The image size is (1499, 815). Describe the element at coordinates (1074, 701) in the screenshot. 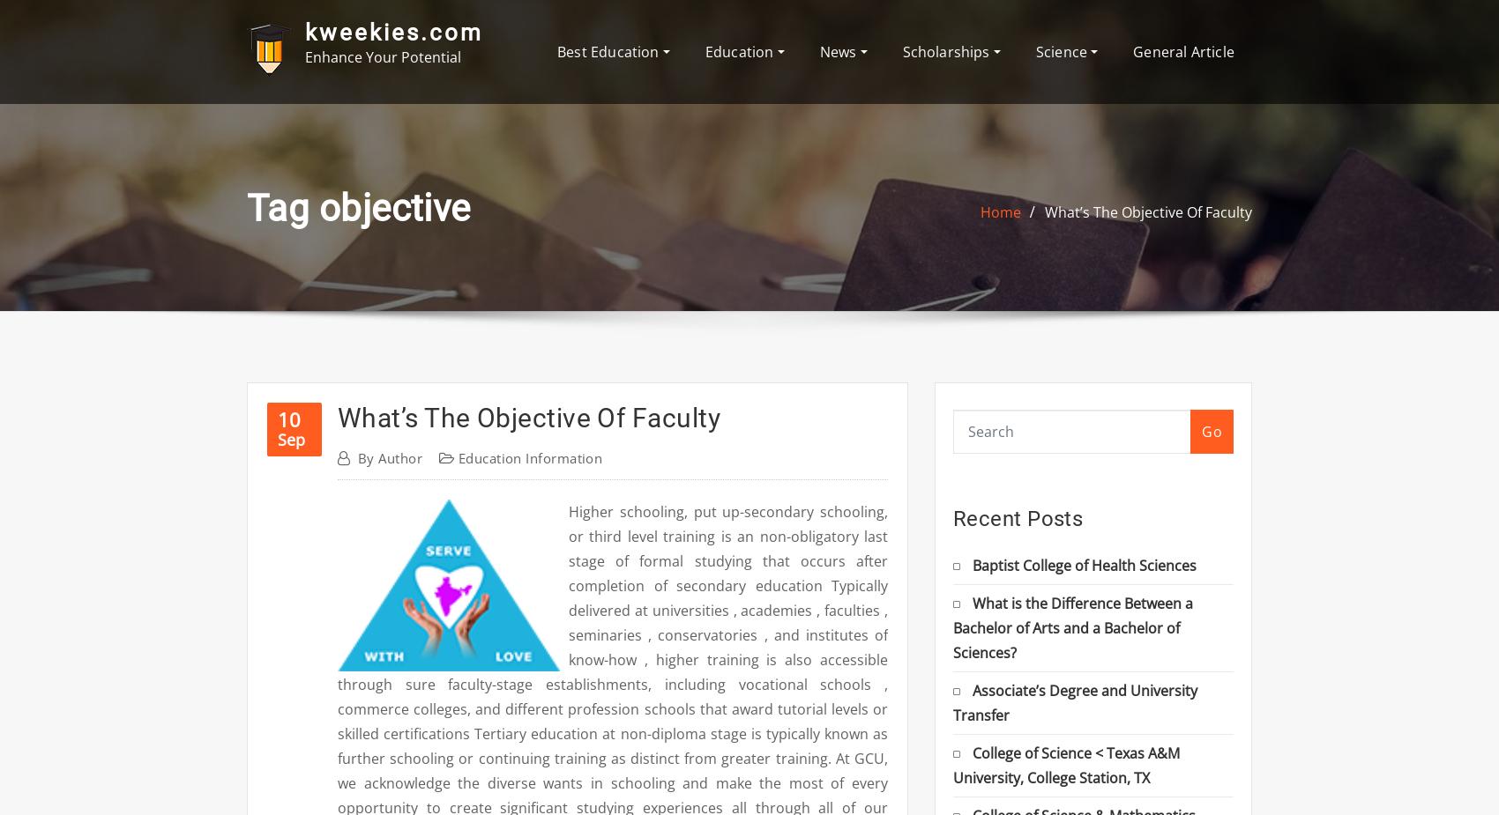

I see `'Associate’s Degree and University Transfer'` at that location.